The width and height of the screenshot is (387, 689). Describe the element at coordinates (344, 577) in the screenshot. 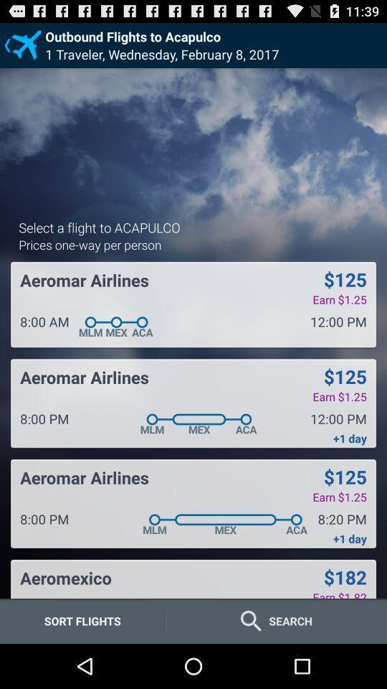

I see `icon below +1 day icon` at that location.